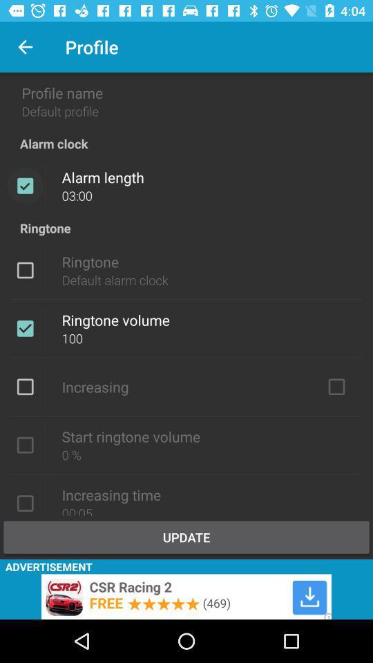 The height and width of the screenshot is (663, 373). Describe the element at coordinates (25, 185) in the screenshot. I see `toggles alarm length` at that location.